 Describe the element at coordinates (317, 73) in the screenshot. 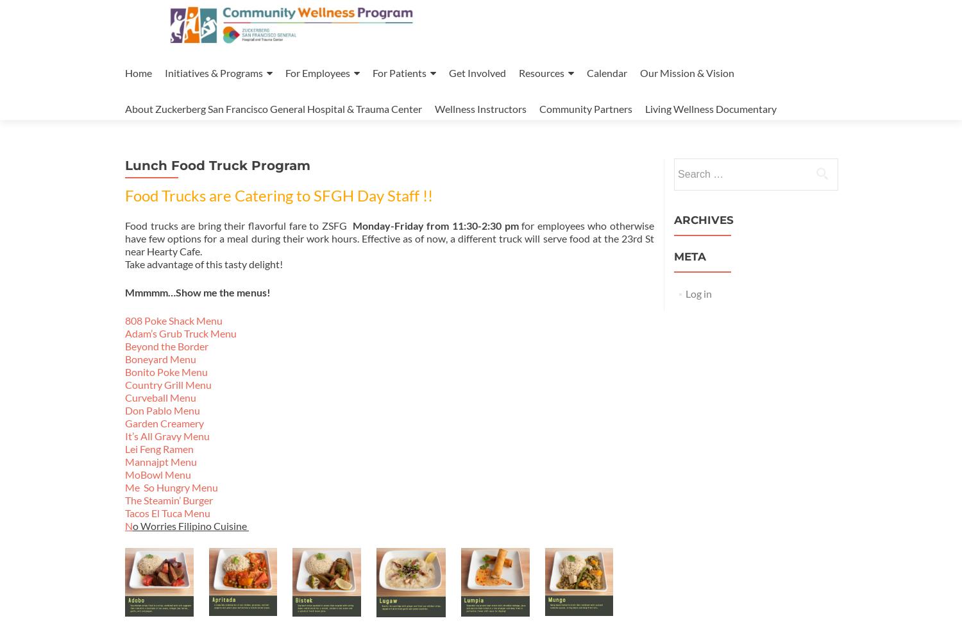

I see `'For Employees'` at that location.